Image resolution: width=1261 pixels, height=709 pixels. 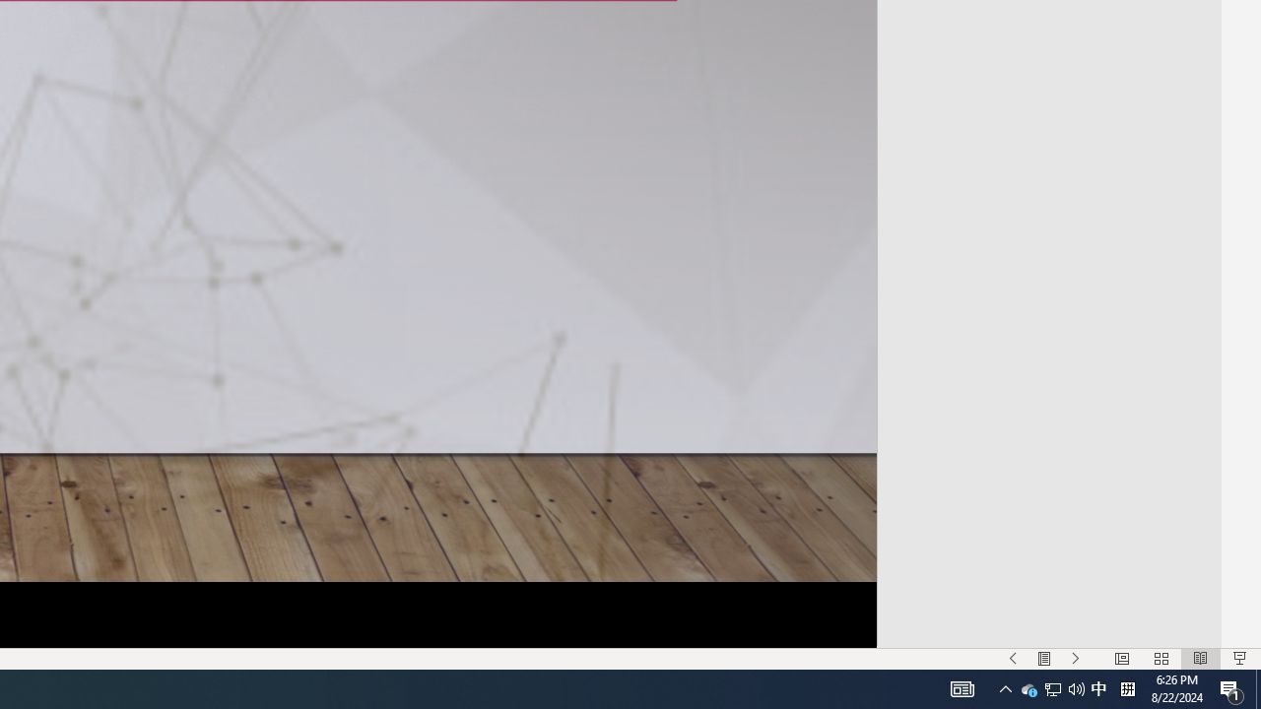 What do you see at coordinates (1043, 659) in the screenshot?
I see `'Menu On'` at bounding box center [1043, 659].